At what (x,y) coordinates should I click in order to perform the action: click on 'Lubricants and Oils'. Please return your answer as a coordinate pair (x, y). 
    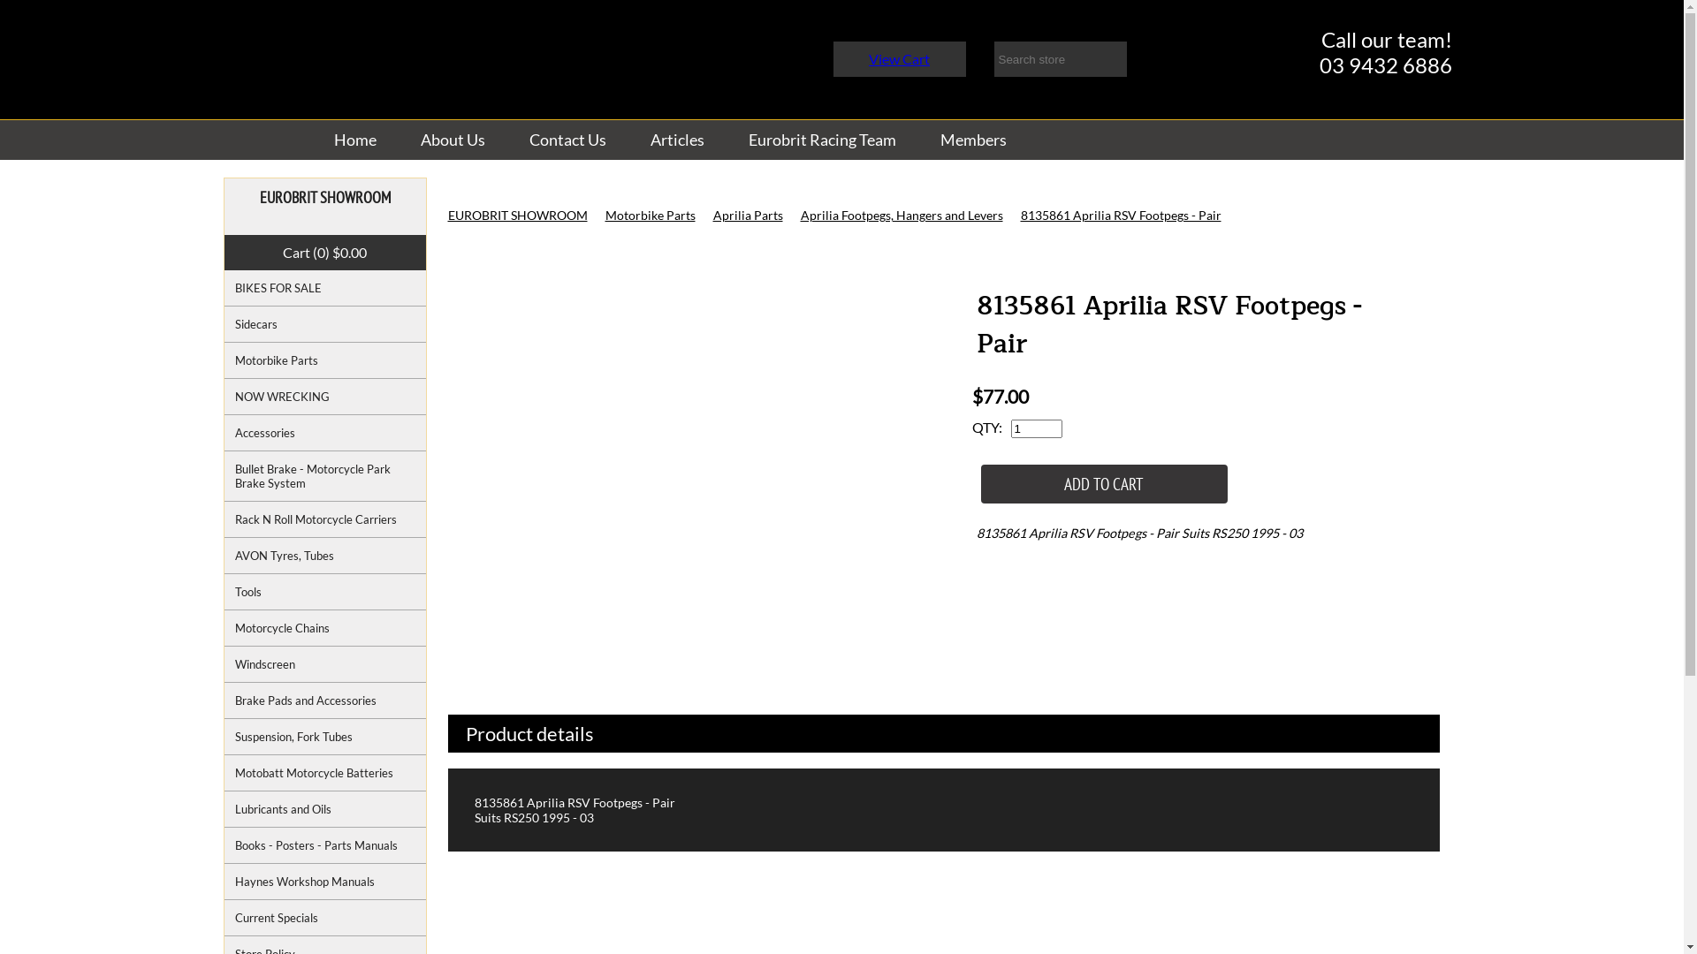
    Looking at the image, I should click on (224, 809).